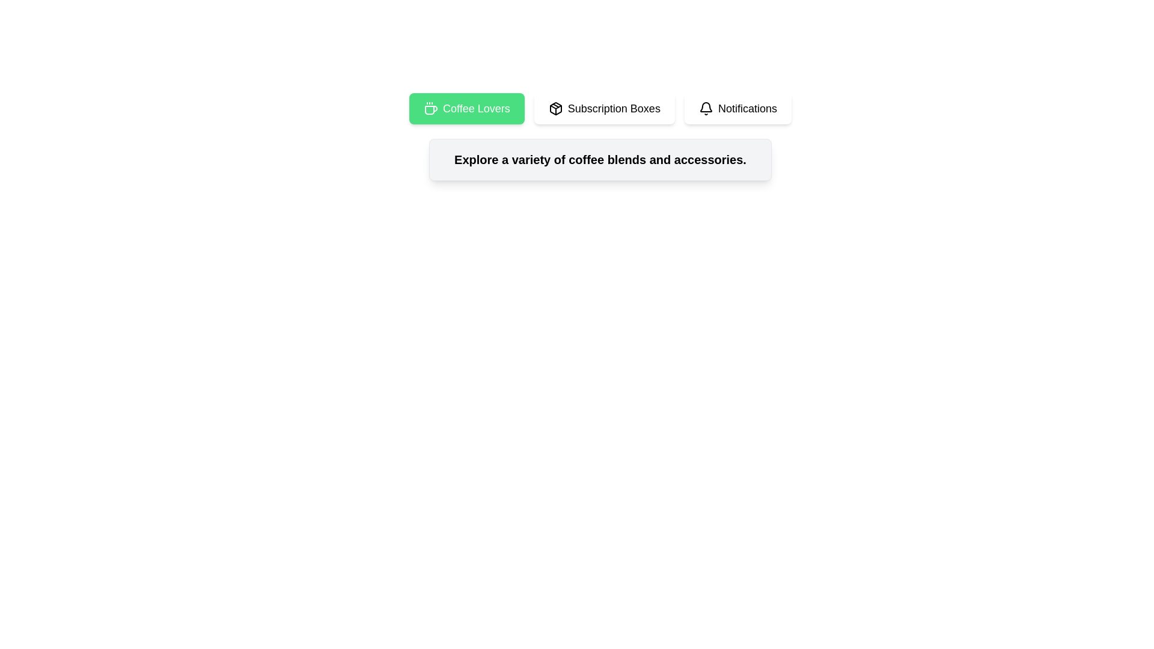  I want to click on the third button in a group of three horizontally aligned buttons, which allows access to notification functionalities, so click(737, 109).